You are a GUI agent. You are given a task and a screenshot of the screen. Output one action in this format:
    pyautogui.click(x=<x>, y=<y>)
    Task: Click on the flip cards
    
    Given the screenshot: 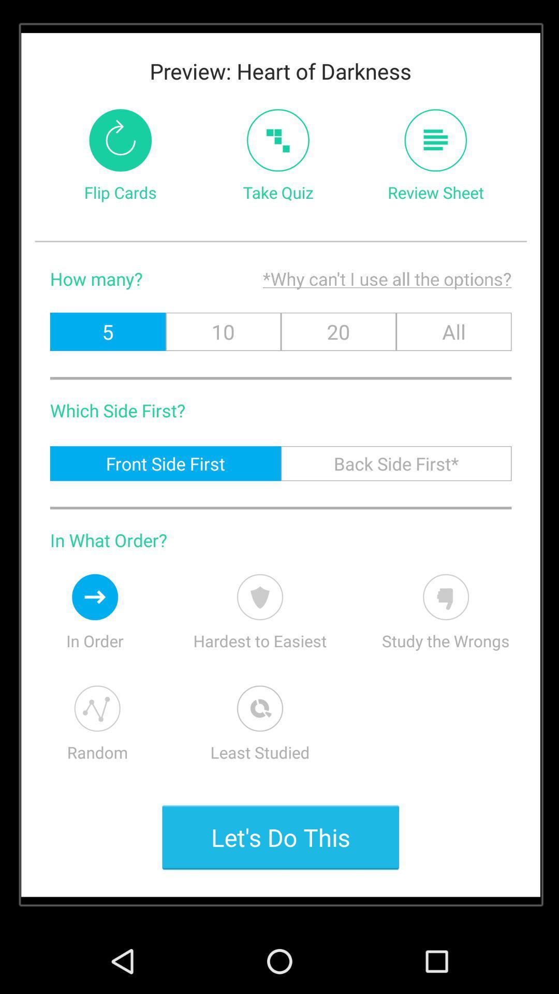 What is the action you would take?
    pyautogui.click(x=120, y=140)
    